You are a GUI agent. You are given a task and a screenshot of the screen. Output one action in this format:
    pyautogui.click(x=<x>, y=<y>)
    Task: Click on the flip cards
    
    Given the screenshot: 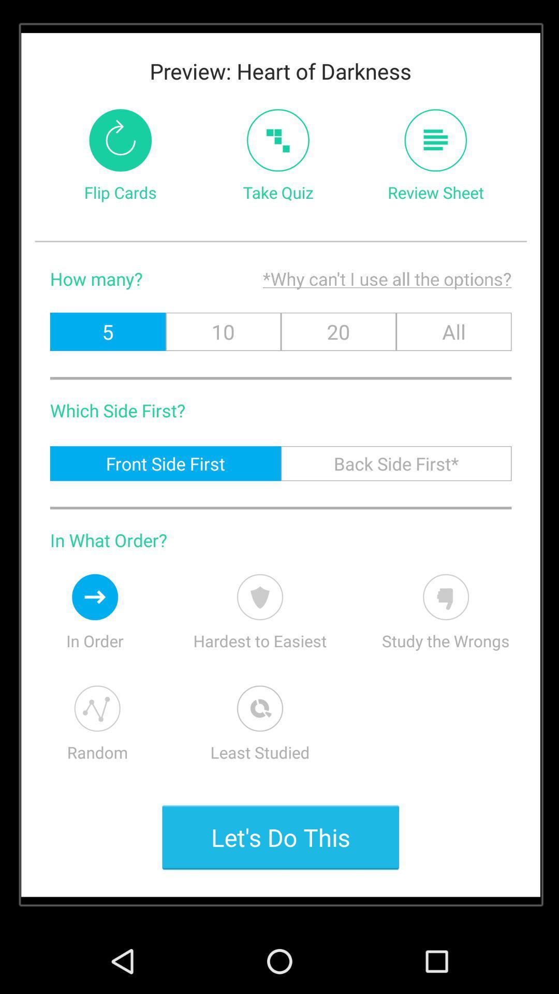 What is the action you would take?
    pyautogui.click(x=120, y=140)
    